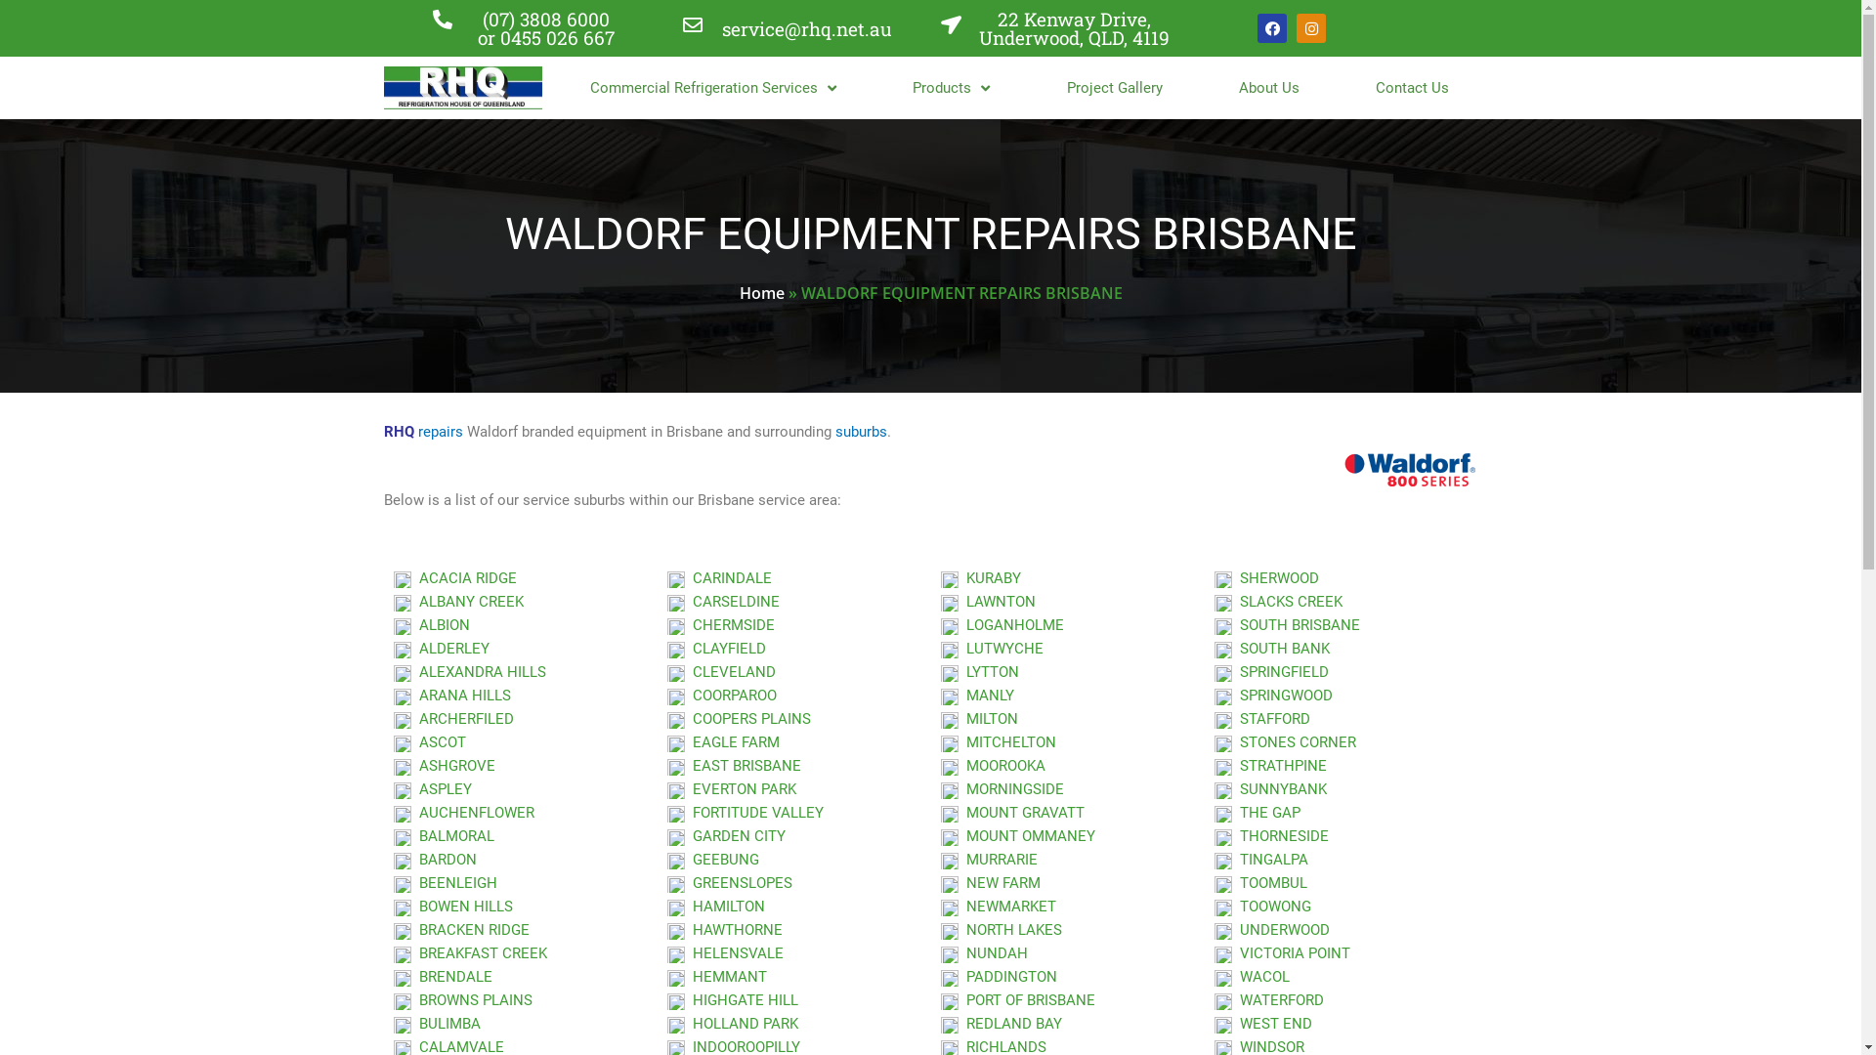 The image size is (1876, 1055). Describe the element at coordinates (462, 813) in the screenshot. I see `'  AUCHENFLOWER'` at that location.